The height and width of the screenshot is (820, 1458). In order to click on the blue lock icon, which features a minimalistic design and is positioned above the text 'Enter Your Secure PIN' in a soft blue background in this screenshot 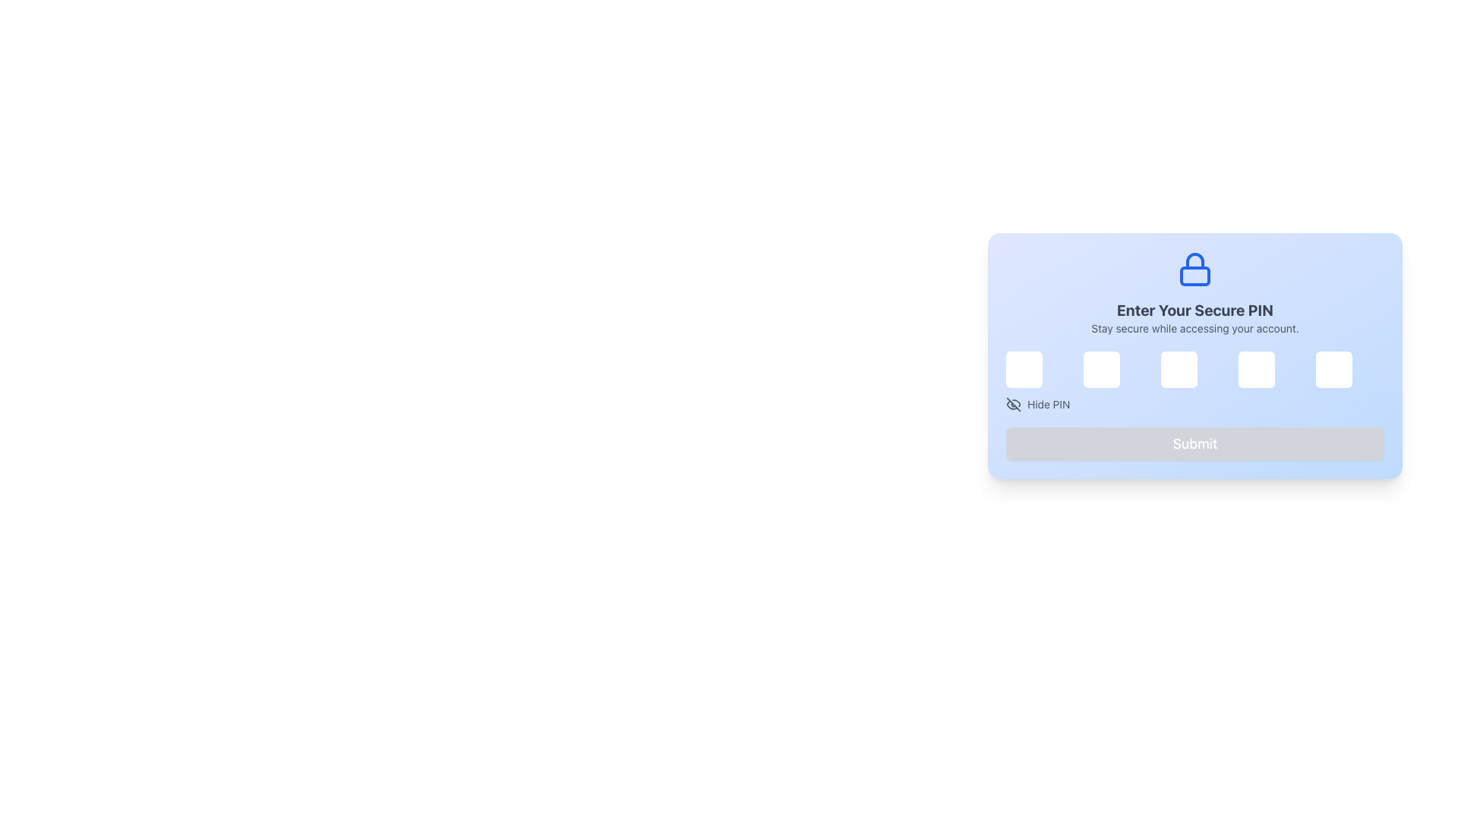, I will do `click(1194, 268)`.